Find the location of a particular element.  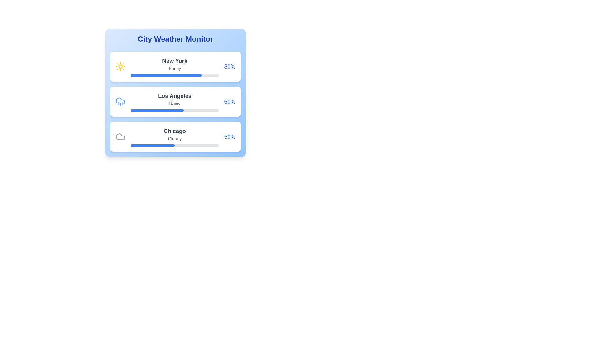

the weather condition icon representing 'Cloudy' for the city of Chicago in the City Weather Monitor interface is located at coordinates (120, 136).